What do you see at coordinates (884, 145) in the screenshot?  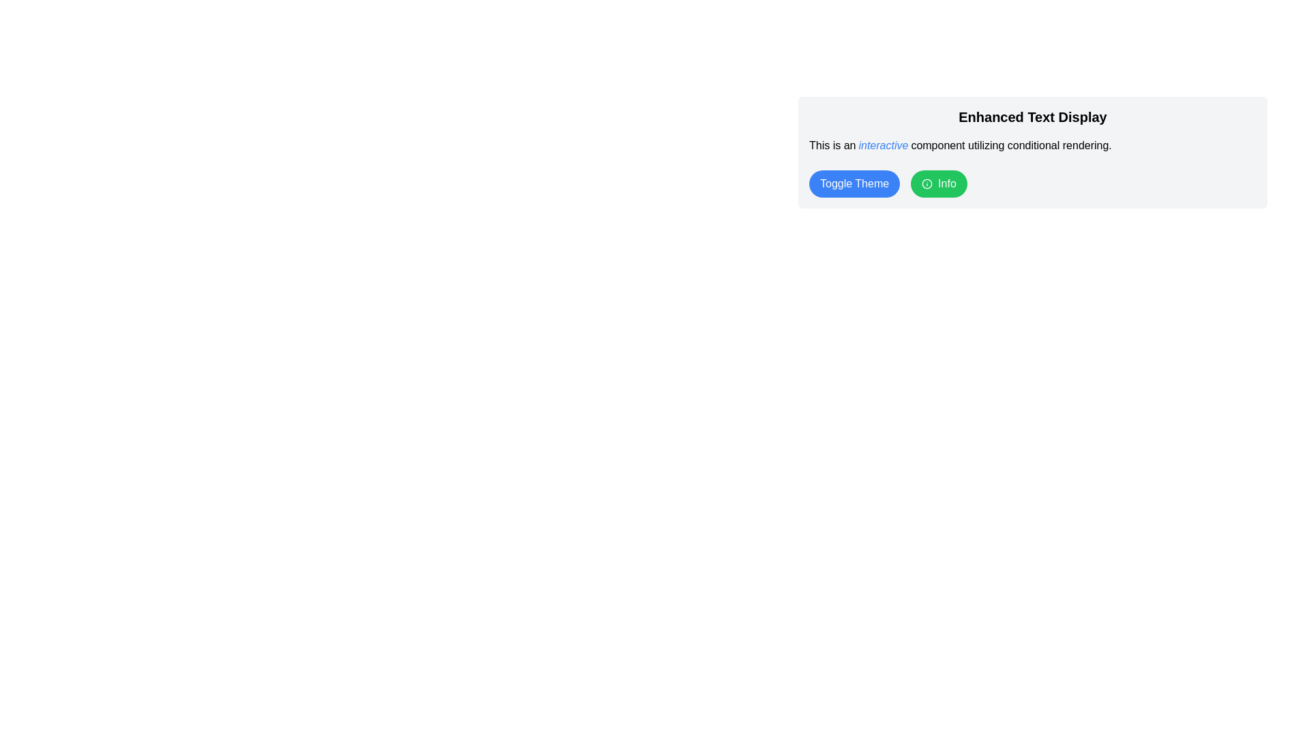 I see `the word 'interactive' in the 'Enhanced Text Display' box to emphasize its importance within the descriptive sentence` at bounding box center [884, 145].